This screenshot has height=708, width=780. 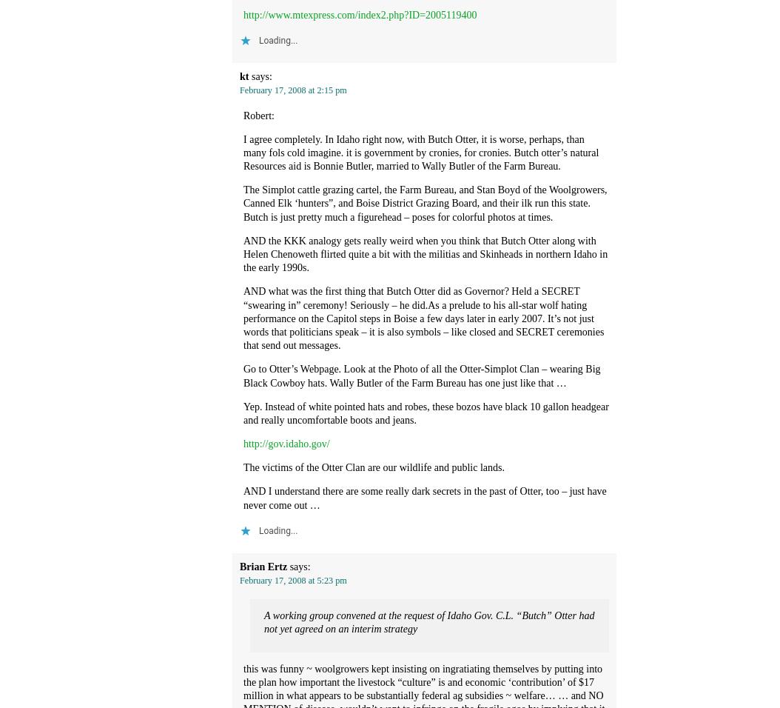 I want to click on 'February 17, 2008 at 5:23 pm', so click(x=239, y=580).